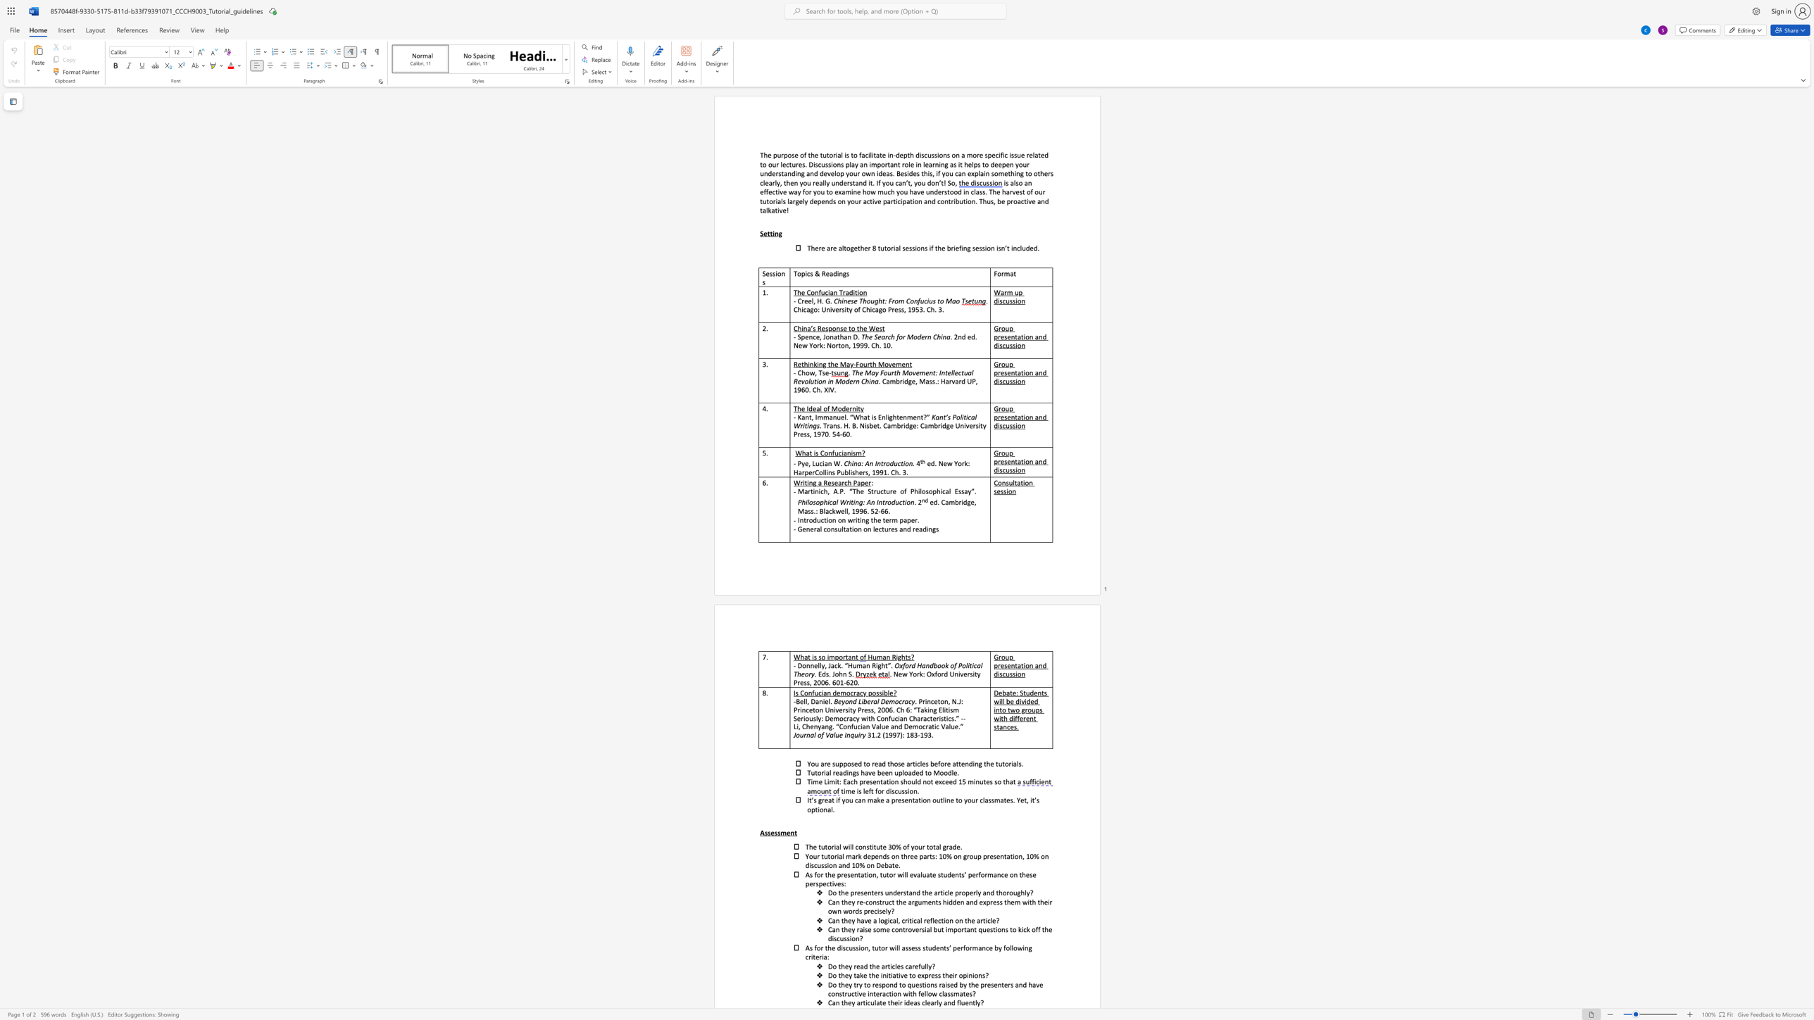  I want to click on the 1th character "c" in the text, so click(868, 200).